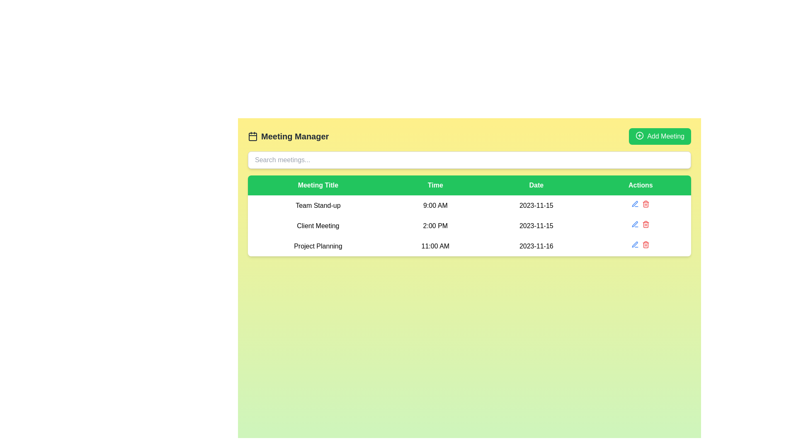 Image resolution: width=796 pixels, height=448 pixels. Describe the element at coordinates (635, 244) in the screenshot. I see `the edit button in the 'Actions' column of the third row of the meeting table` at that location.